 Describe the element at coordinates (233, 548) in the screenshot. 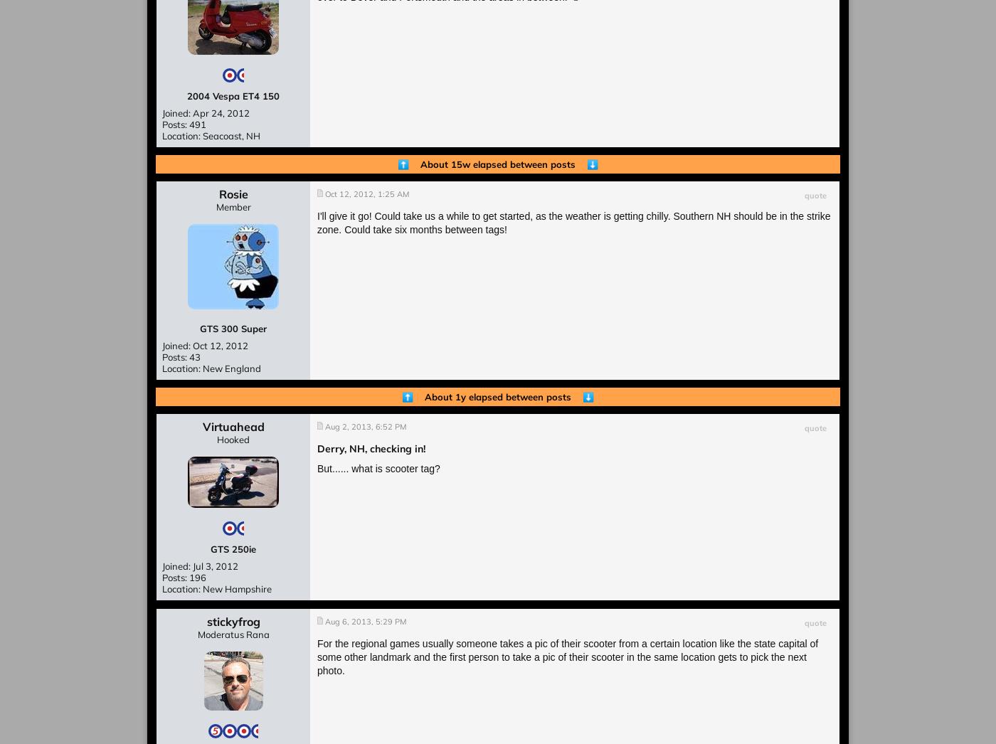

I see `'GTS 250ie'` at that location.